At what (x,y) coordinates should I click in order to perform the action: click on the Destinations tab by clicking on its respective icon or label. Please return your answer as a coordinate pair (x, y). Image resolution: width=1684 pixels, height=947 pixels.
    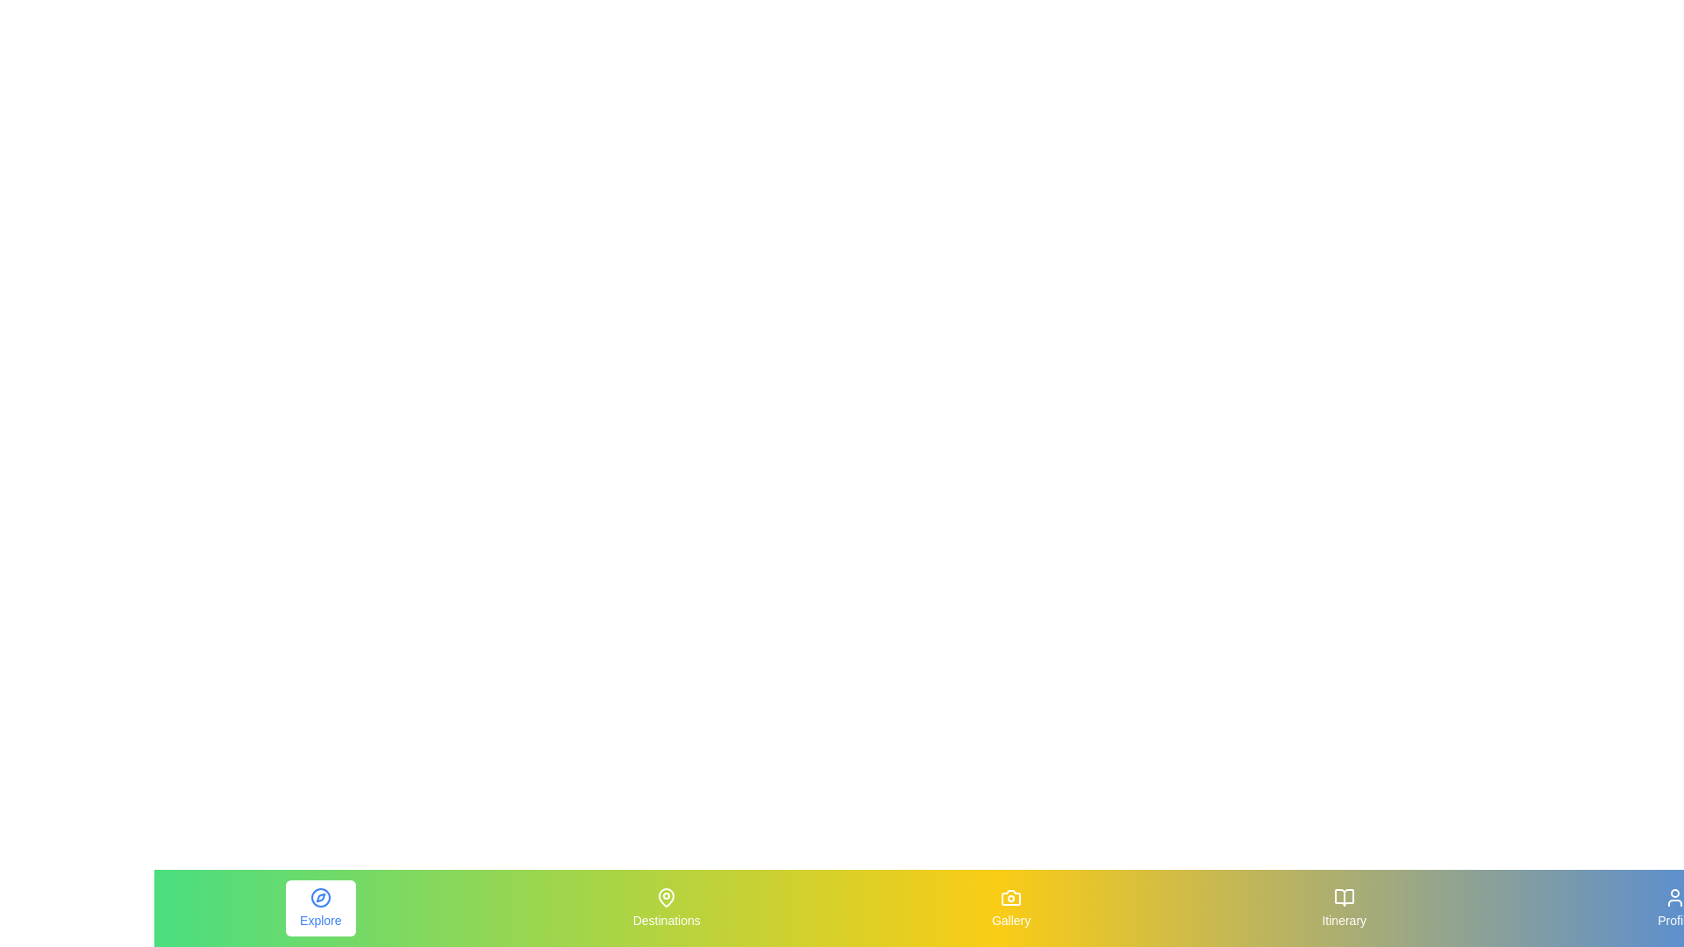
    Looking at the image, I should click on (666, 908).